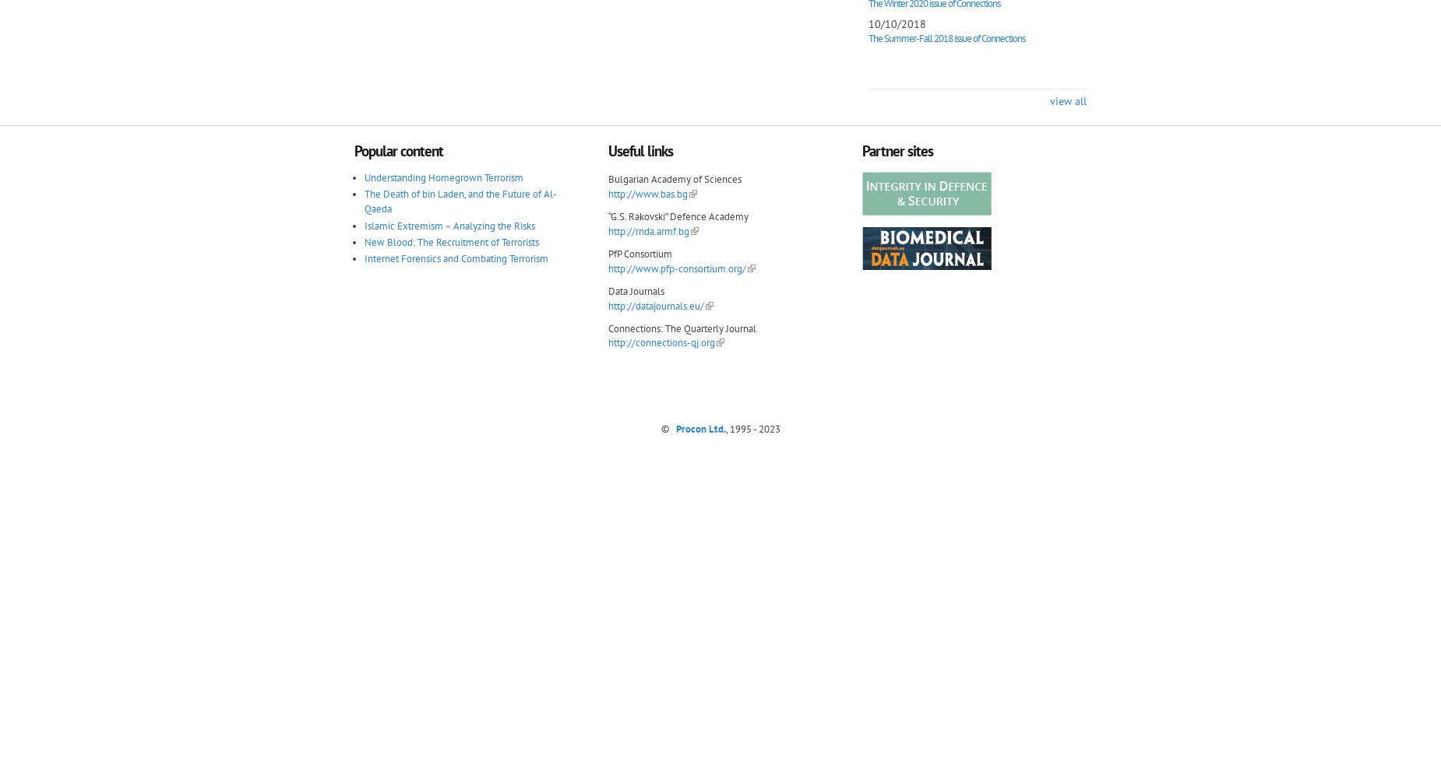 The height and width of the screenshot is (778, 1441). Describe the element at coordinates (1048, 100) in the screenshot. I see `'view all'` at that location.